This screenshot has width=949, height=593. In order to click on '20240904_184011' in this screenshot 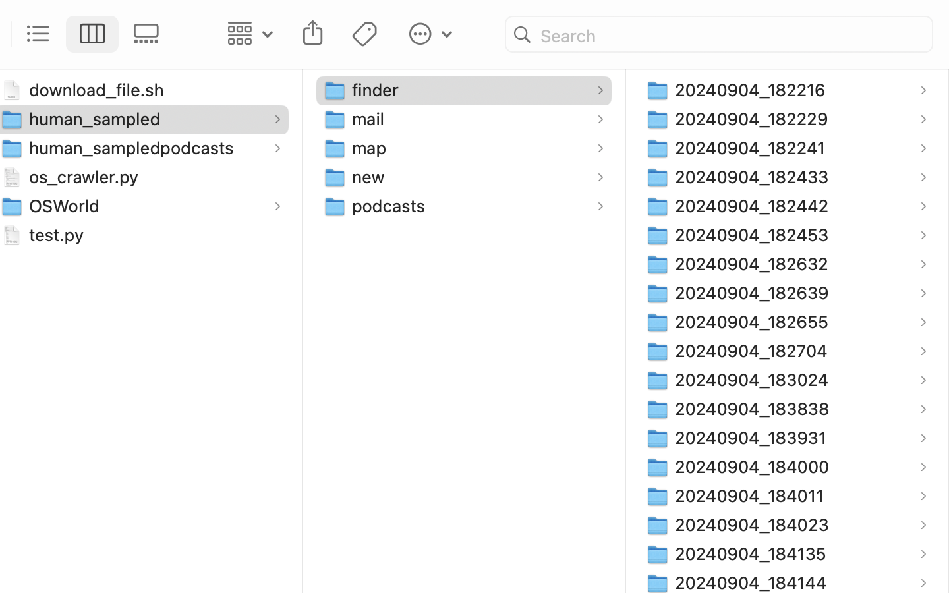, I will do `click(753, 495)`.